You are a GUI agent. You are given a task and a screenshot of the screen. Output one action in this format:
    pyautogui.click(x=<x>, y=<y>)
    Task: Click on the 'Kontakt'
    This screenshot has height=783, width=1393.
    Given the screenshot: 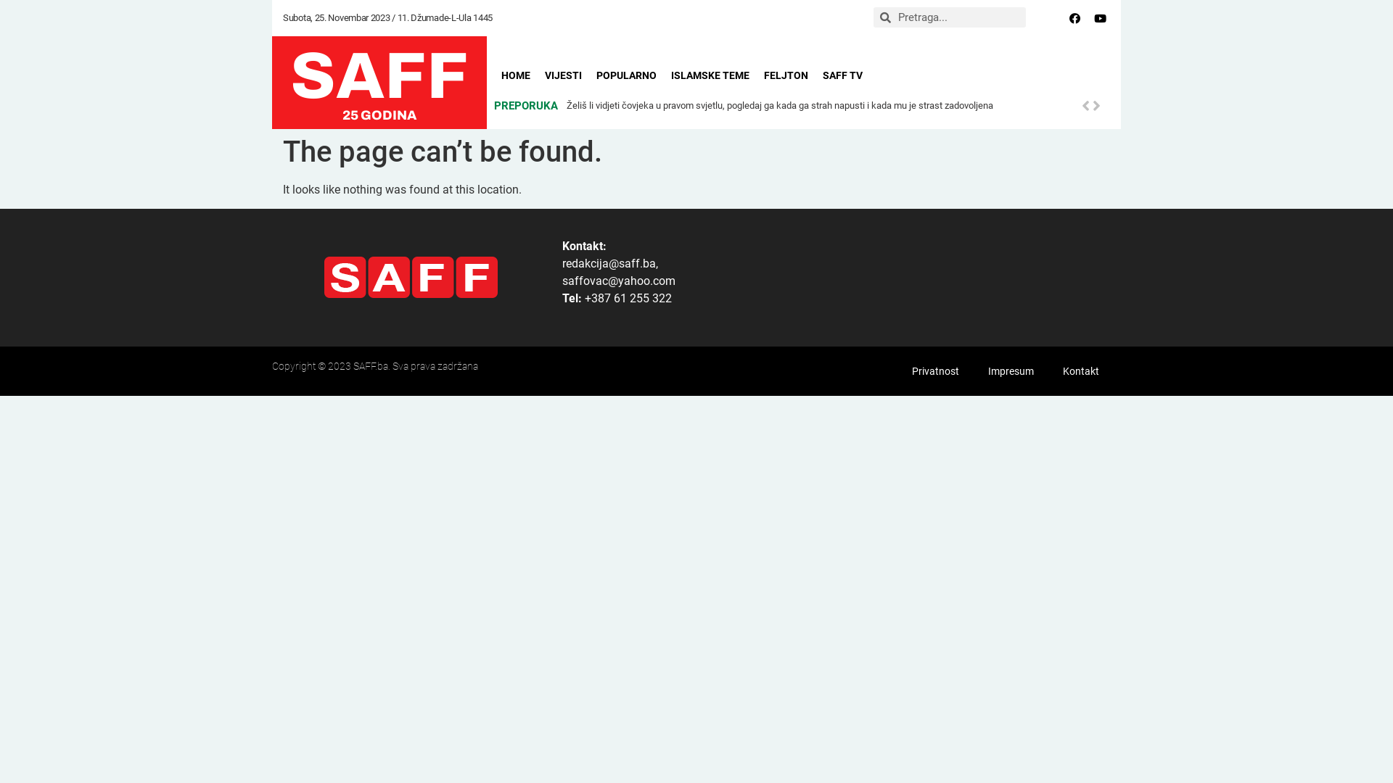 What is the action you would take?
    pyautogui.click(x=1080, y=370)
    